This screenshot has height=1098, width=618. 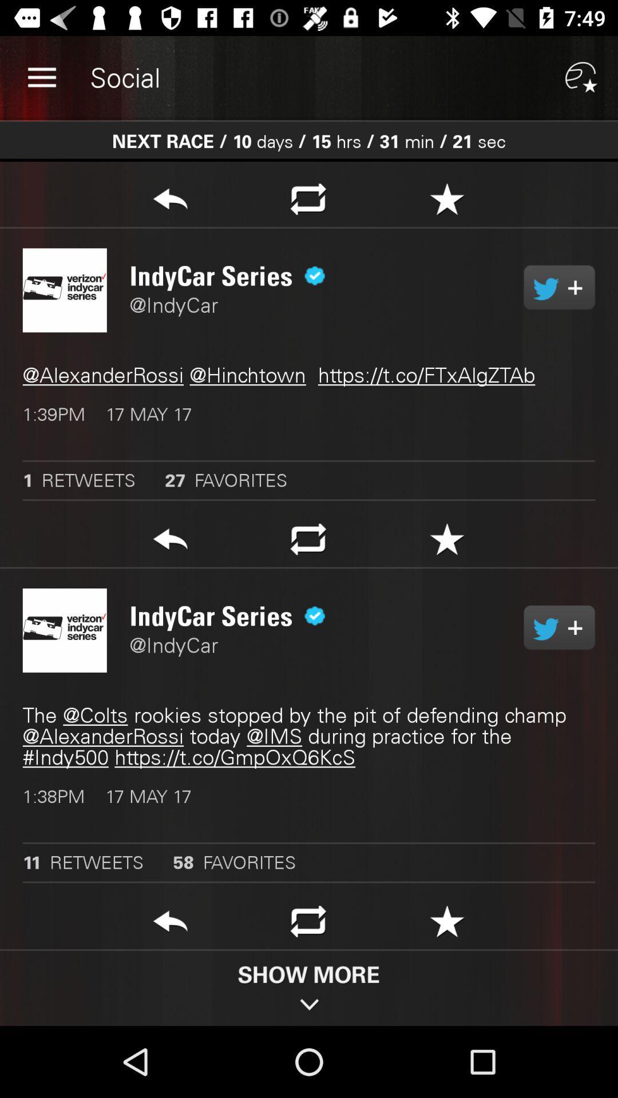 I want to click on to favorites, so click(x=446, y=925).